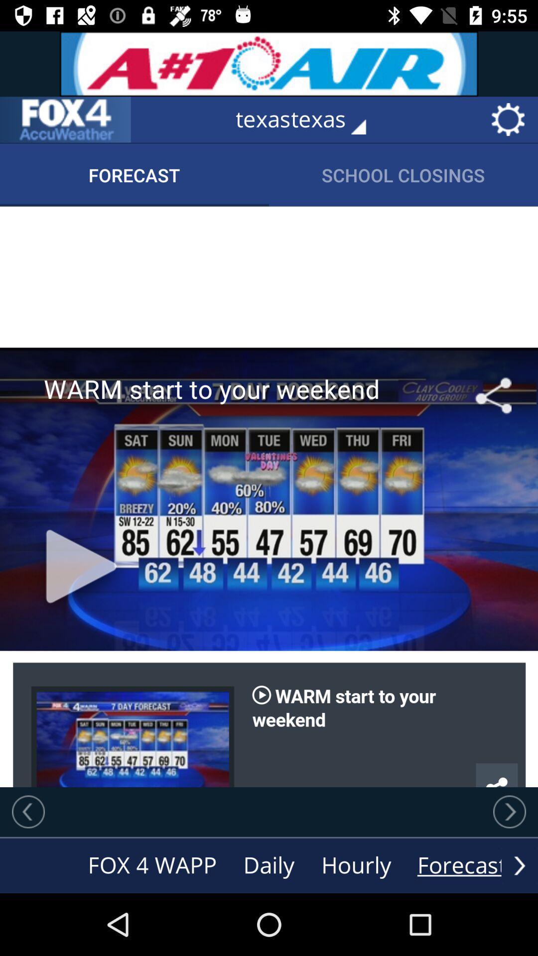  What do you see at coordinates (509, 812) in the screenshot?
I see `go next page` at bounding box center [509, 812].